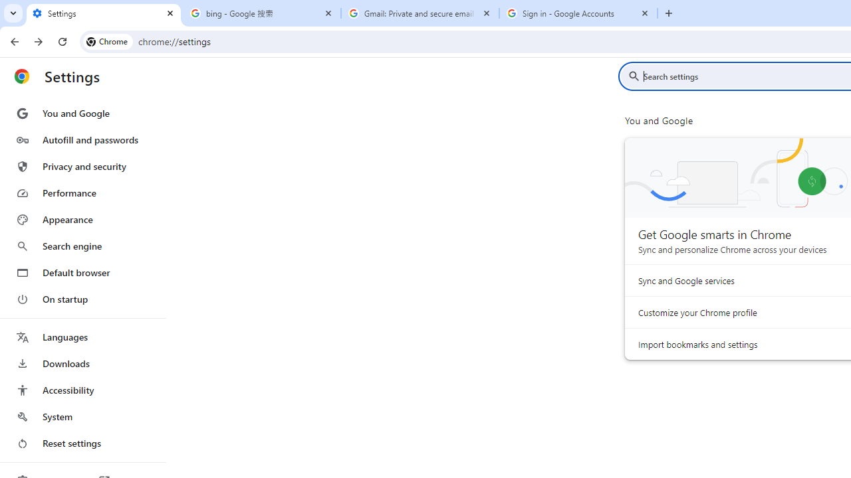 This screenshot has width=851, height=478. What do you see at coordinates (82, 272) in the screenshot?
I see `'Default browser'` at bounding box center [82, 272].